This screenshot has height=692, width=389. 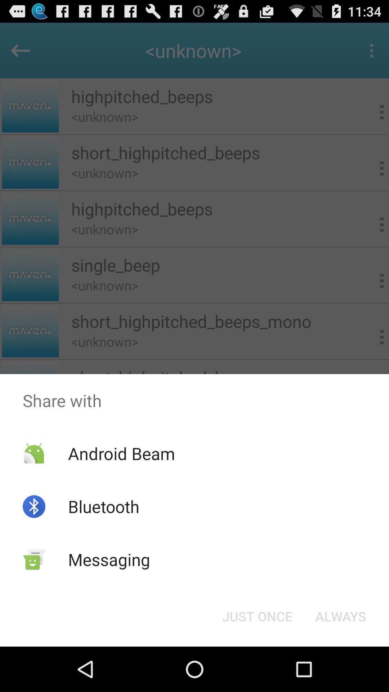 I want to click on the just once, so click(x=257, y=616).